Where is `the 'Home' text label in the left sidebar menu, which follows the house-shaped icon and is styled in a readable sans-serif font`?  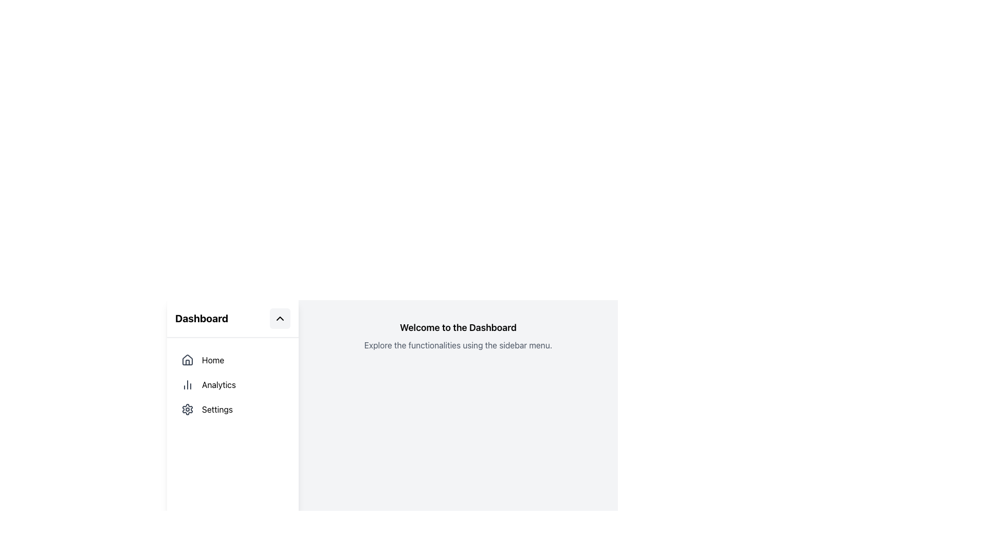
the 'Home' text label in the left sidebar menu, which follows the house-shaped icon and is styled in a readable sans-serif font is located at coordinates (212, 360).